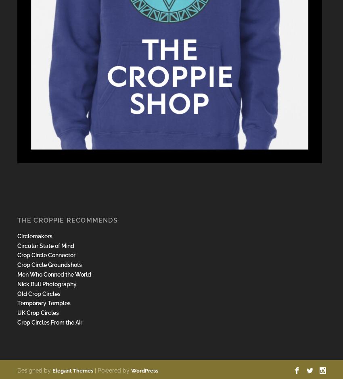 Image resolution: width=343 pixels, height=379 pixels. What do you see at coordinates (38, 294) in the screenshot?
I see `'Old Crop Circles'` at bounding box center [38, 294].